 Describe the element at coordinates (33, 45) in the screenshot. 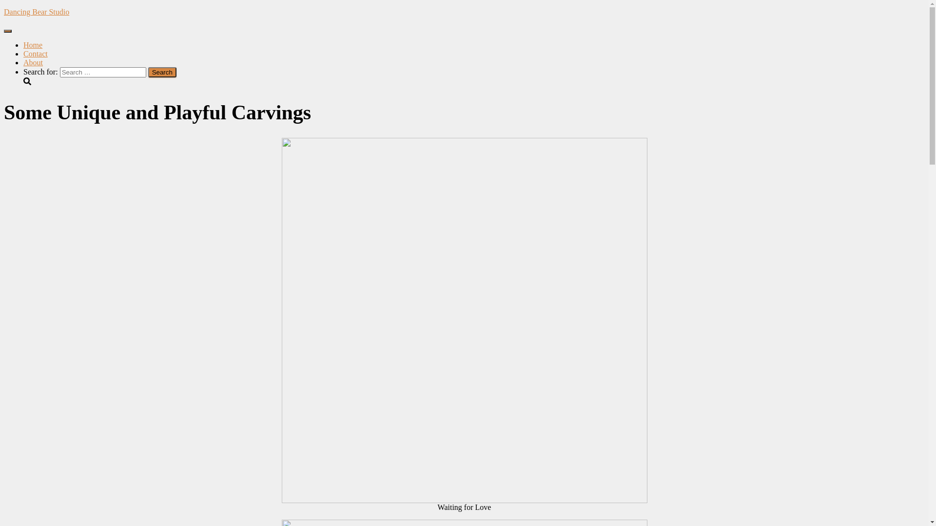

I see `'Home'` at that location.